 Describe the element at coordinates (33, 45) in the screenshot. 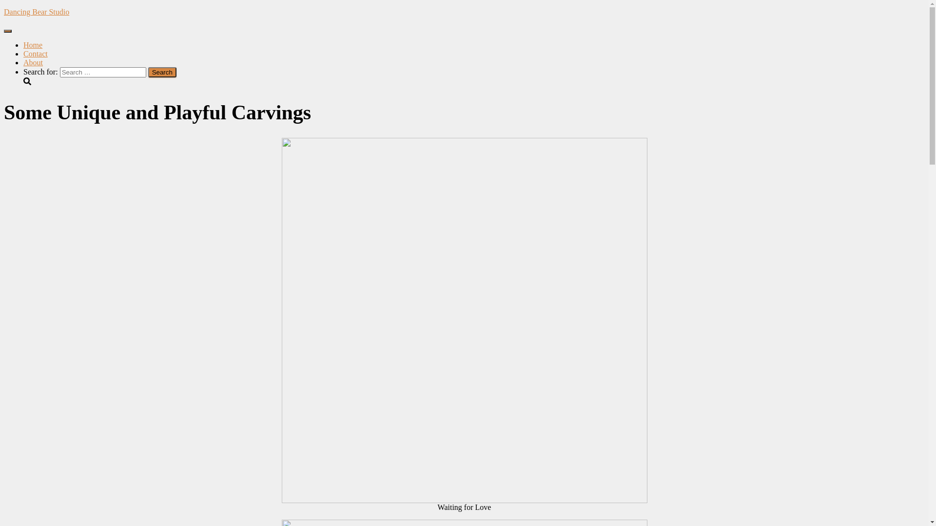

I see `'Home'` at that location.